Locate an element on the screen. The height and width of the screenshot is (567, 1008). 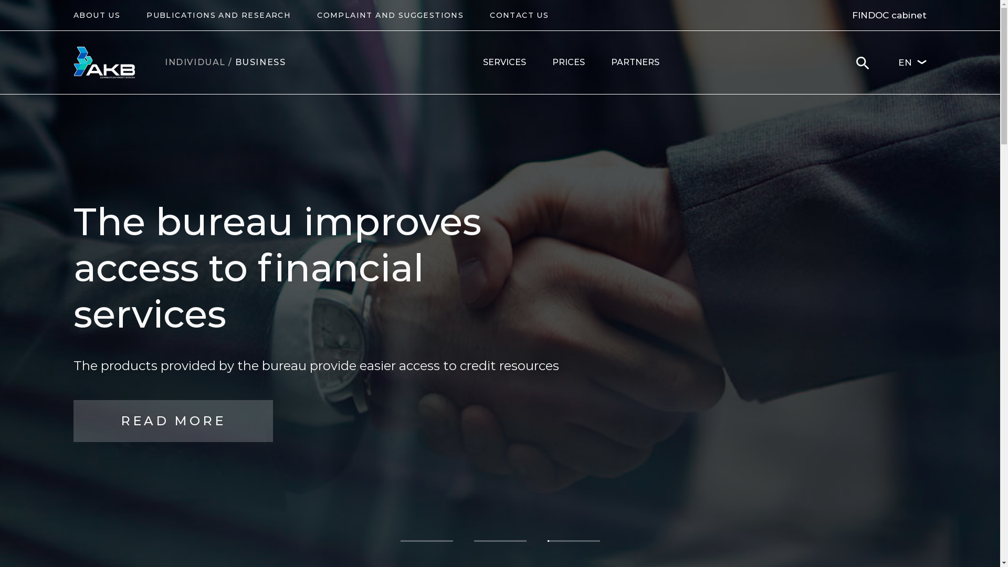
'ABOUT US' is located at coordinates (97, 15).